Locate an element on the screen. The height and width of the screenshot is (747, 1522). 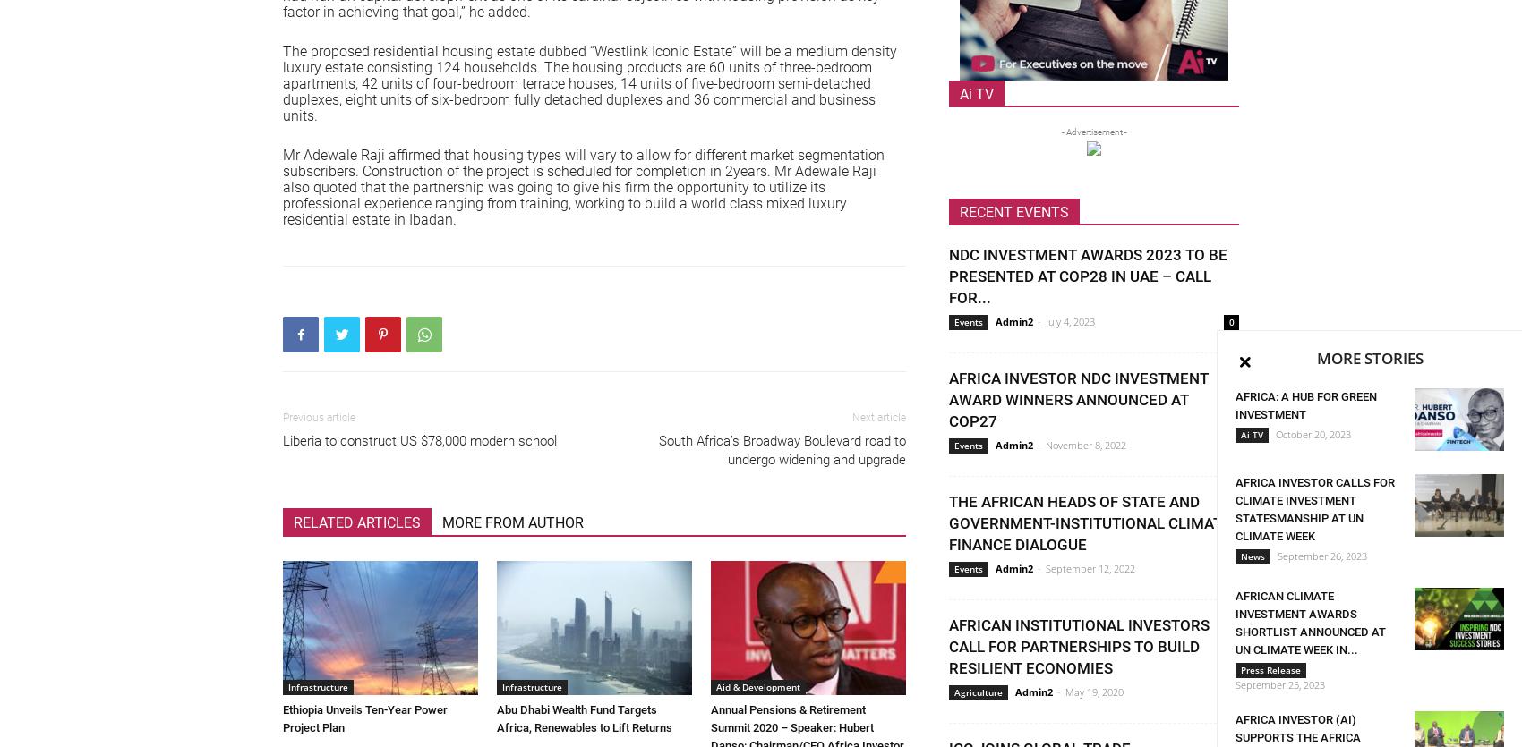
'The African Heads of State and Government-Institutional Climate Finance Dialogue' is located at coordinates (1089, 522).